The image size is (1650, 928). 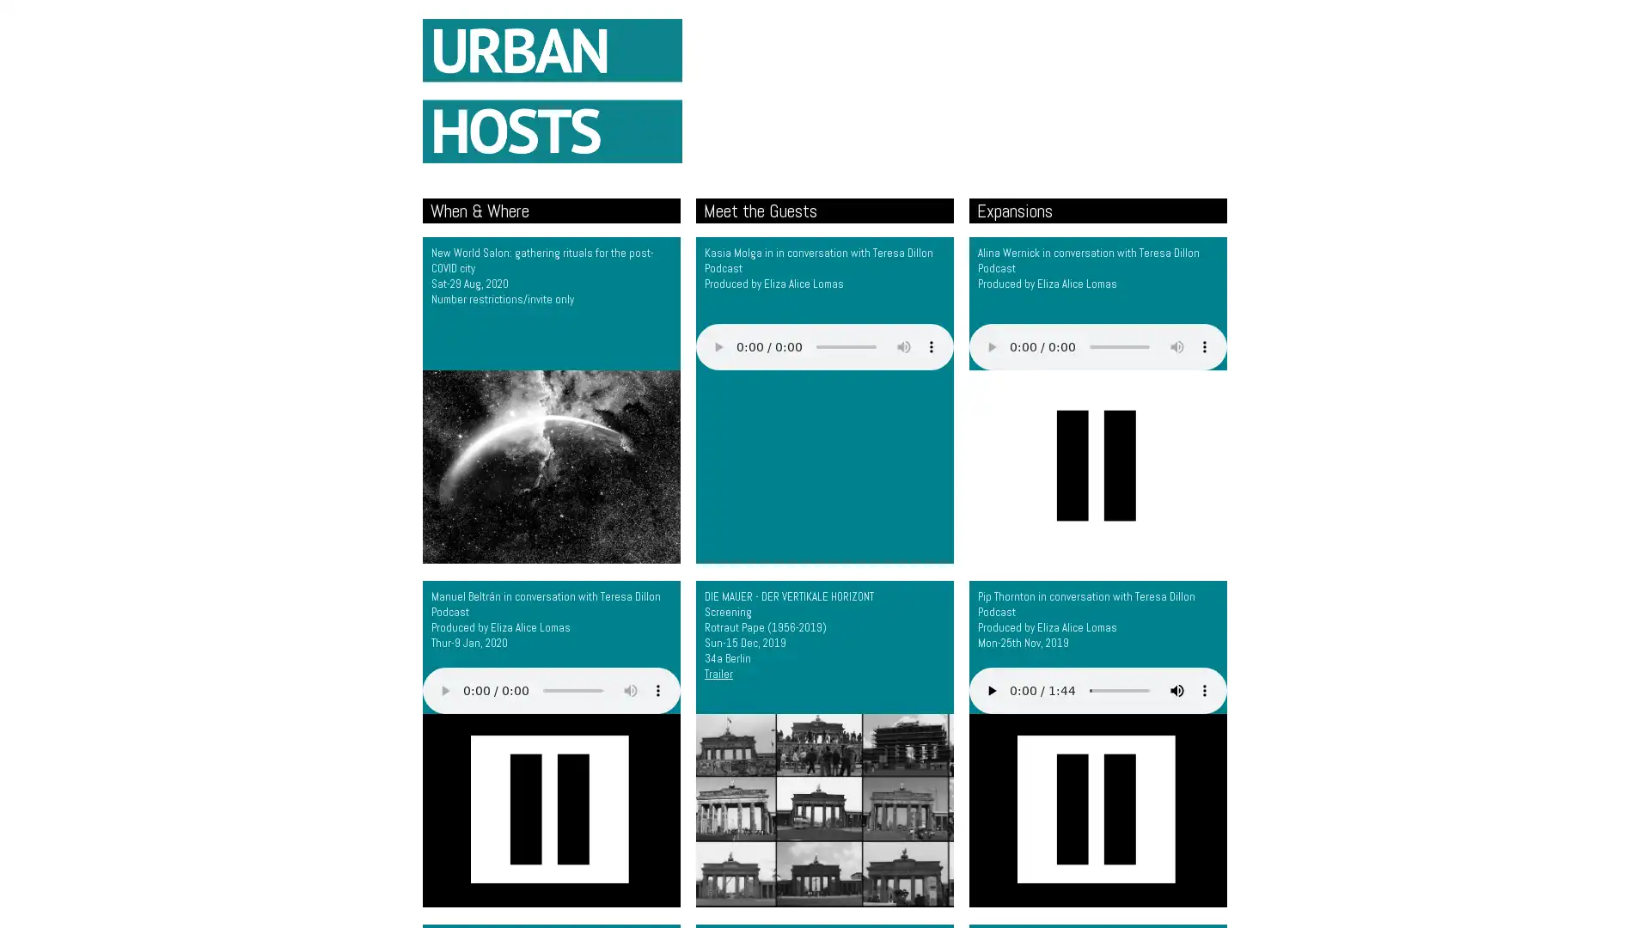 What do you see at coordinates (931, 347) in the screenshot?
I see `show more media controls` at bounding box center [931, 347].